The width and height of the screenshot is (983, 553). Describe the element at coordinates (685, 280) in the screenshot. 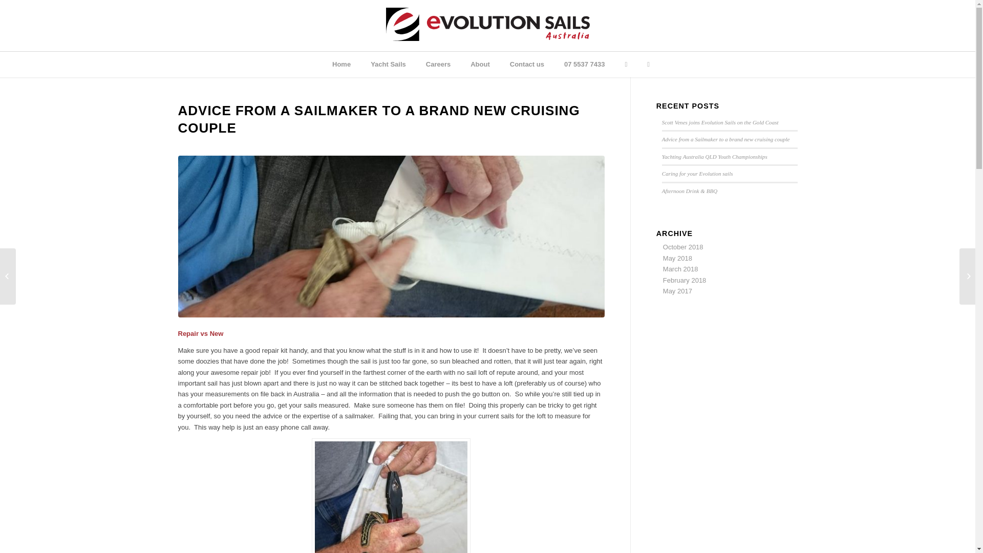

I see `'February 2018'` at that location.